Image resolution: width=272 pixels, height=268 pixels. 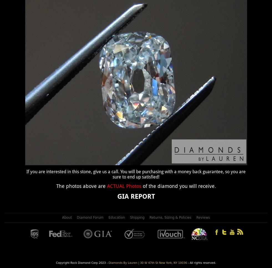 What do you see at coordinates (26, 174) in the screenshot?
I see `'If you are interested in this stone, give us a call. You will be purchasing with a money back guarantee, so you are sure to end up satisfied!'` at bounding box center [26, 174].